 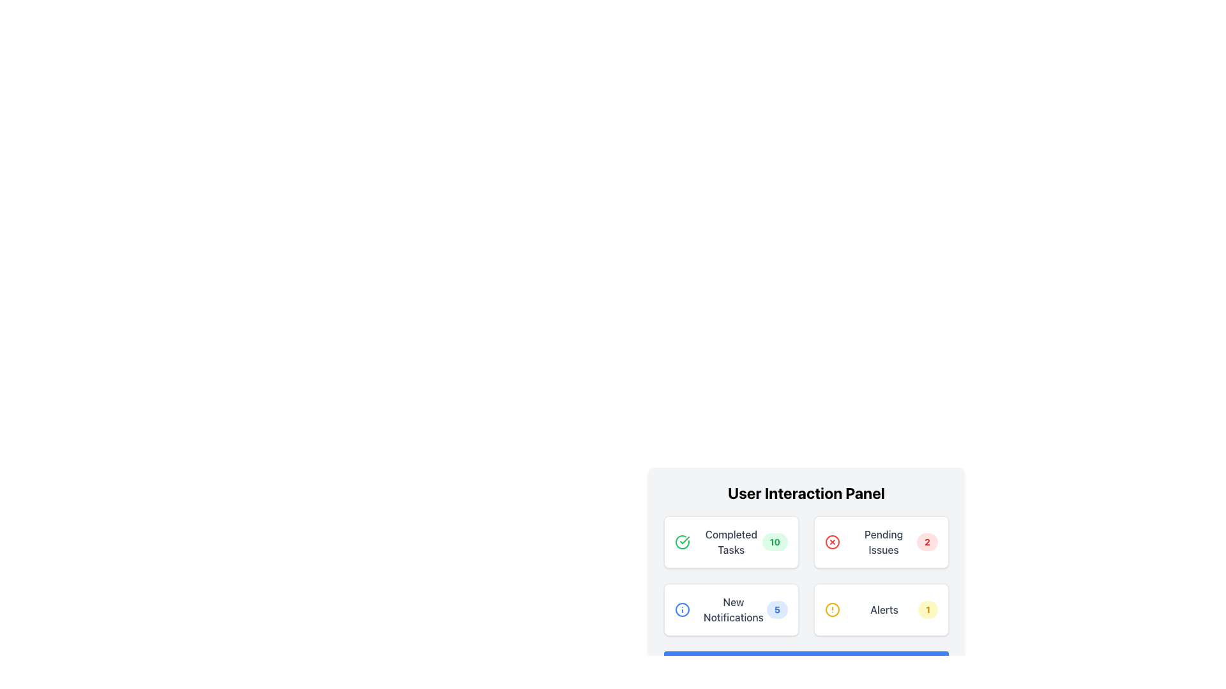 I want to click on the details of the Circular SVG element that serves as a notification marker in the New Notifications tile located in the User Interaction Panel, so click(x=682, y=609).